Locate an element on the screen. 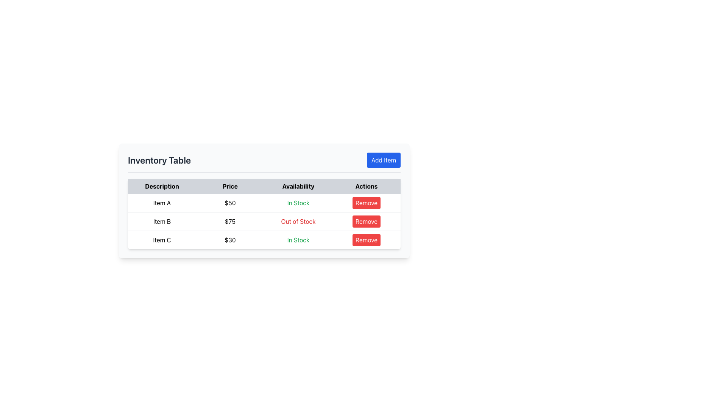  the text label displaying 'Item A' located in the first row of the table under the 'Description' column is located at coordinates (161, 203).